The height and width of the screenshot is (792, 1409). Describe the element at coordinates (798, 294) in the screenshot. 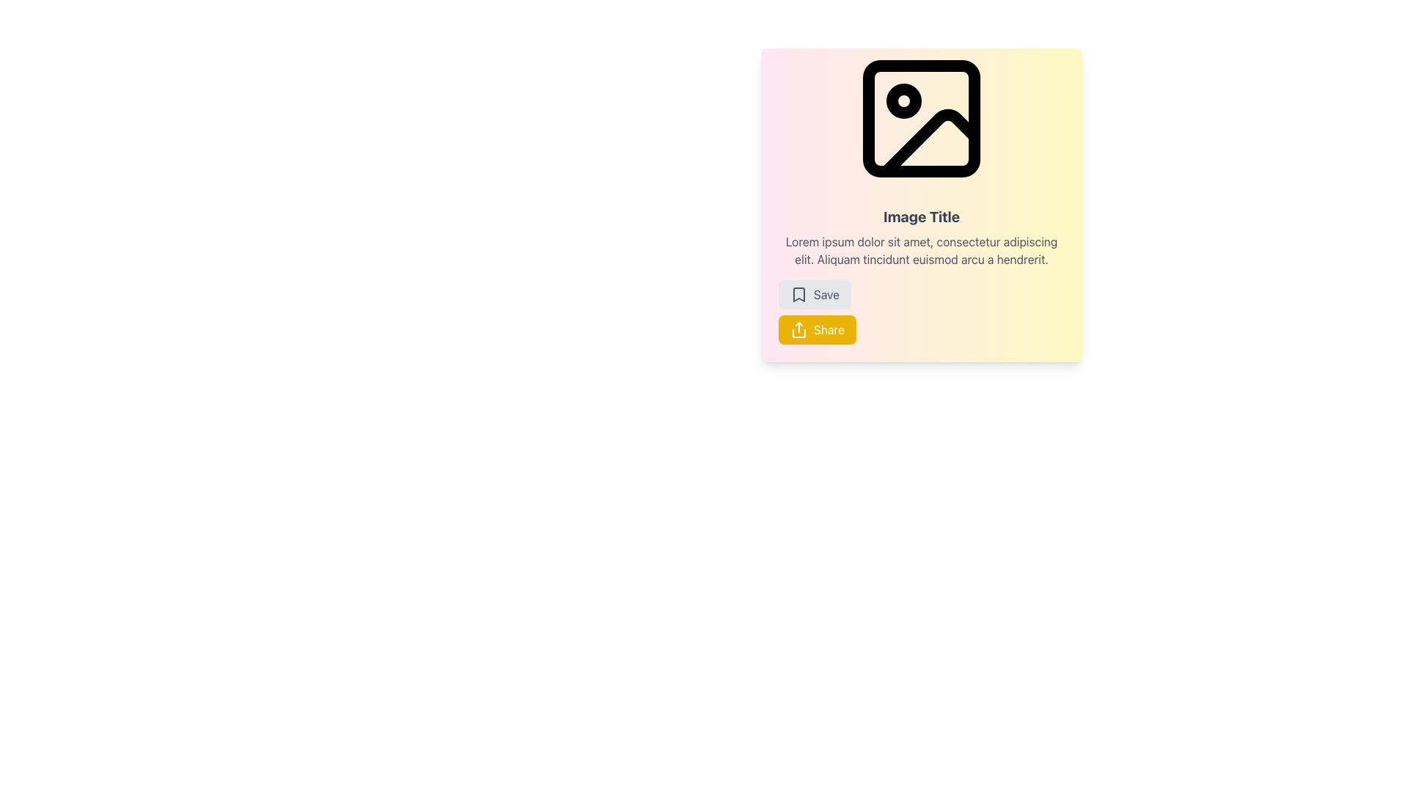

I see `the bookmark-shaped icon located within the gray 'Save' button` at that location.